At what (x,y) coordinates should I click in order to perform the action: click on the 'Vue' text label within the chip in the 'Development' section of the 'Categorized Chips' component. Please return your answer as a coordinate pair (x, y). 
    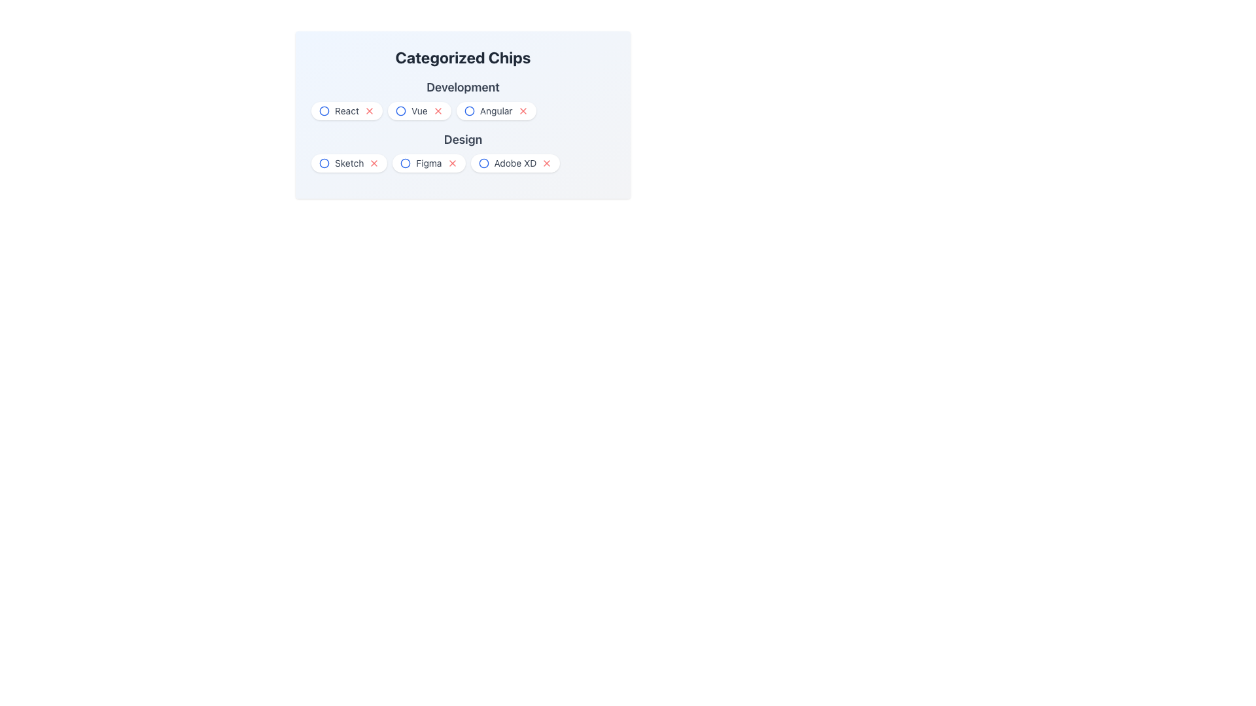
    Looking at the image, I should click on (419, 110).